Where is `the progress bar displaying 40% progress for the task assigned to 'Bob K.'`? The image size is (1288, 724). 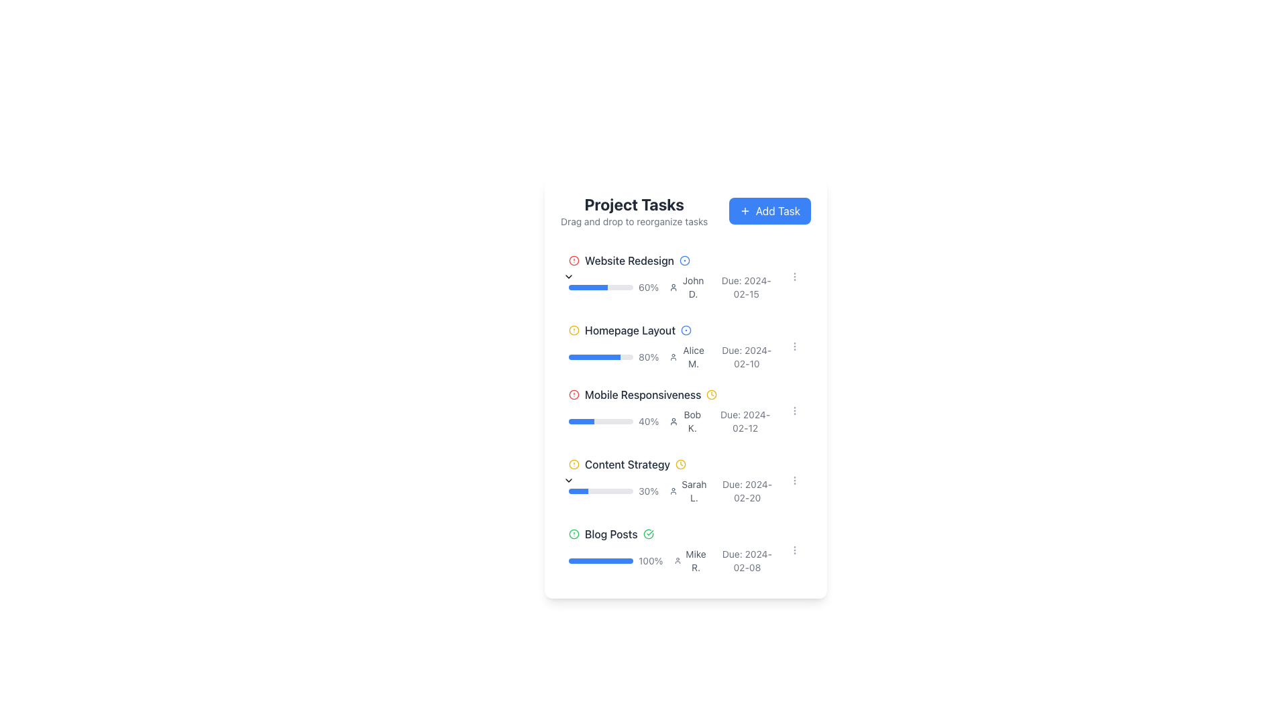
the progress bar displaying 40% progress for the task assigned to 'Bob K.' is located at coordinates (672, 420).